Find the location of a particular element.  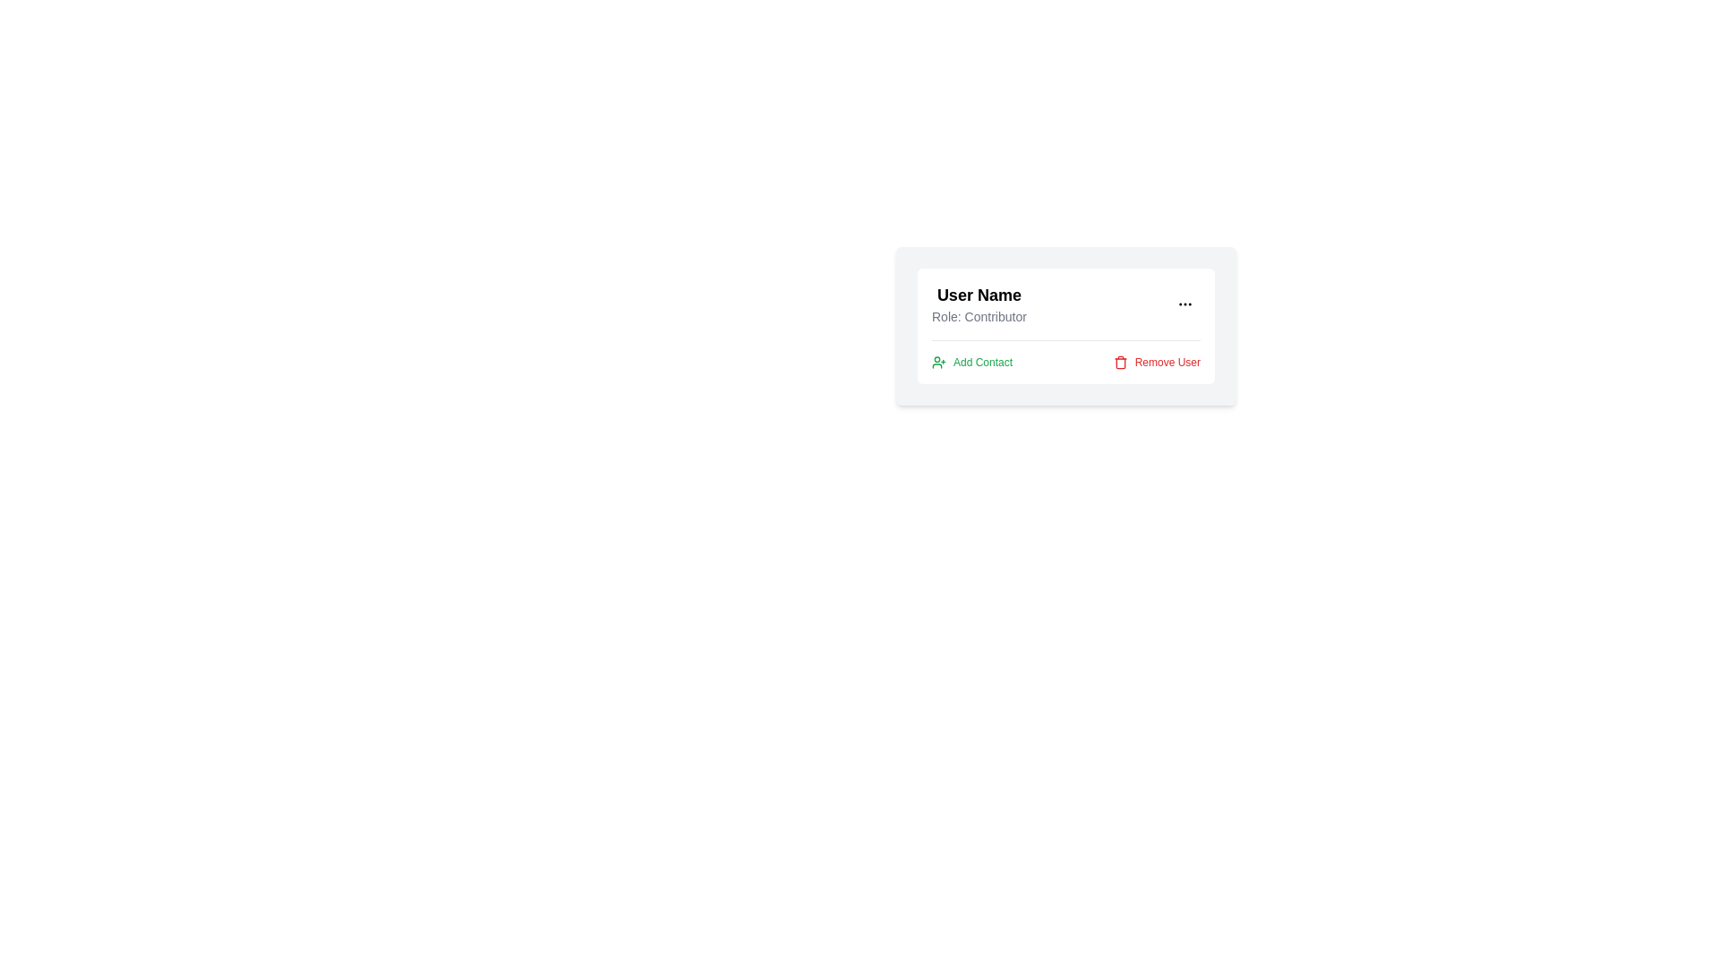

the 'User Name' text label, which is a bold and prominent label located above the 'Role: Contributor' text is located at coordinates (978, 295).